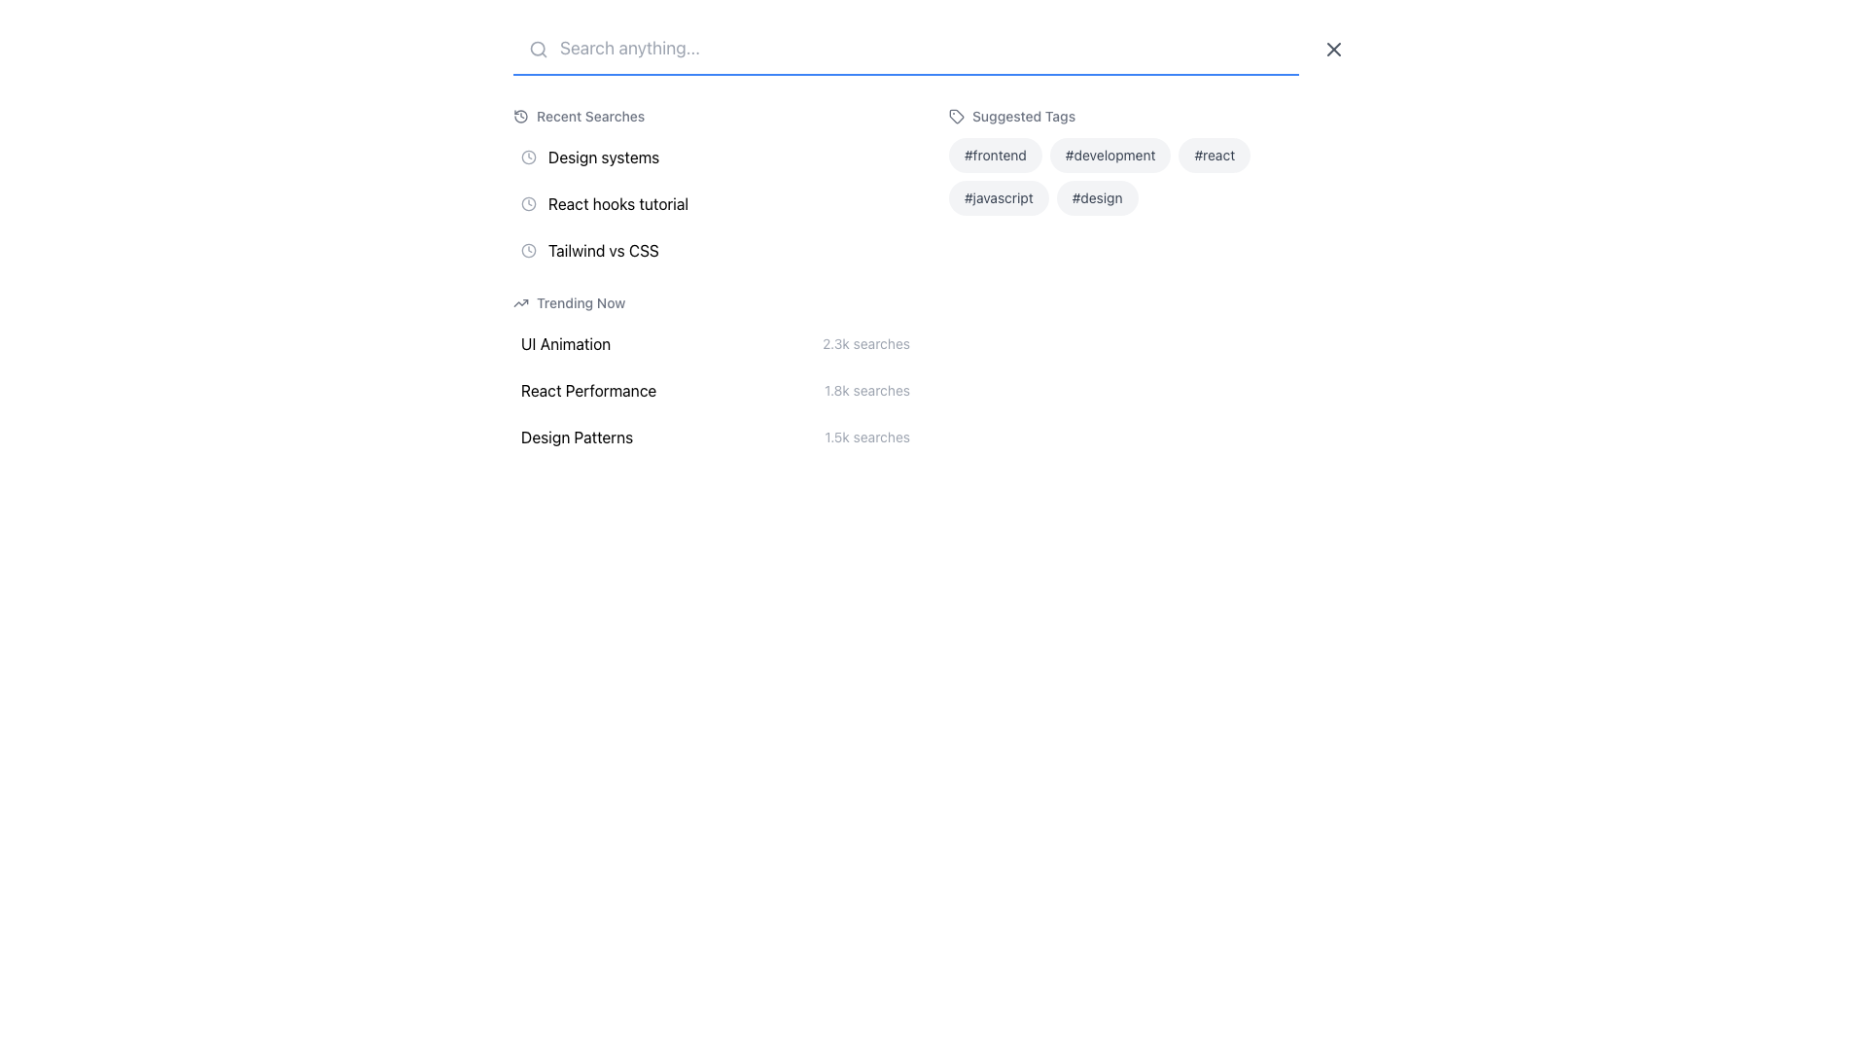 This screenshot has height=1050, width=1867. I want to click on the vector tag icon located in the 'Suggested Tags' section at the top-right corner of the interface, so click(956, 116).